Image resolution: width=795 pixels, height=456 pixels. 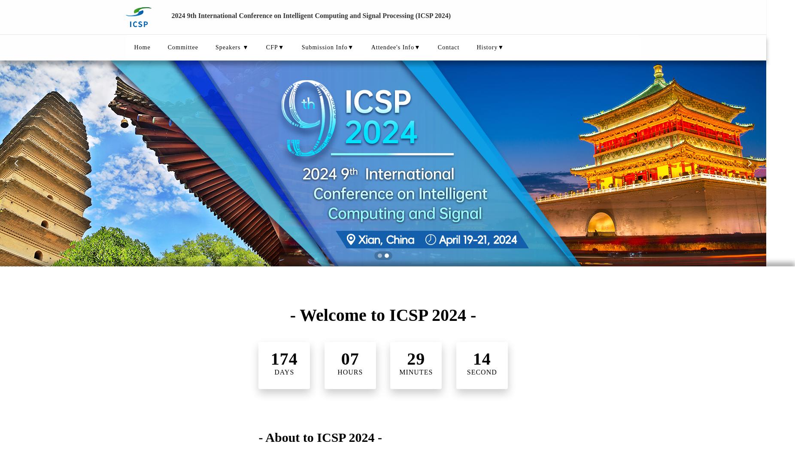 What do you see at coordinates (395, 47) in the screenshot?
I see `'Attendee's Info▼'` at bounding box center [395, 47].